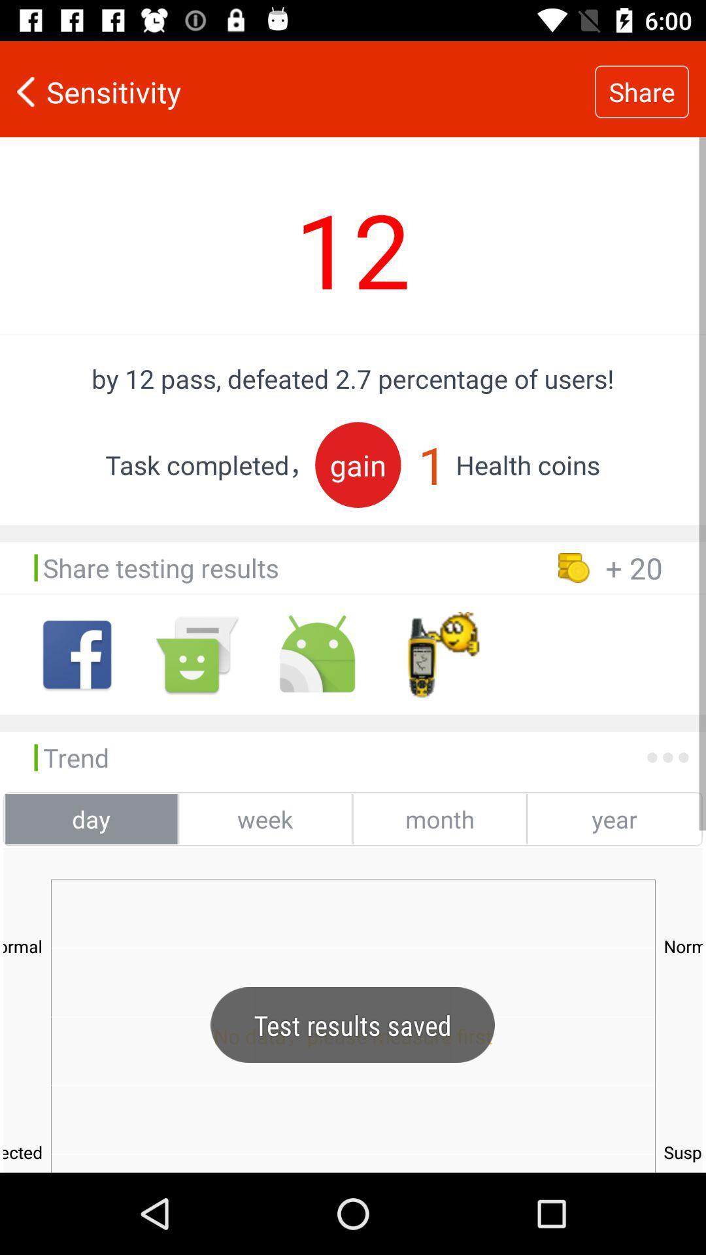 The height and width of the screenshot is (1255, 706). I want to click on share on facebook, so click(77, 654).